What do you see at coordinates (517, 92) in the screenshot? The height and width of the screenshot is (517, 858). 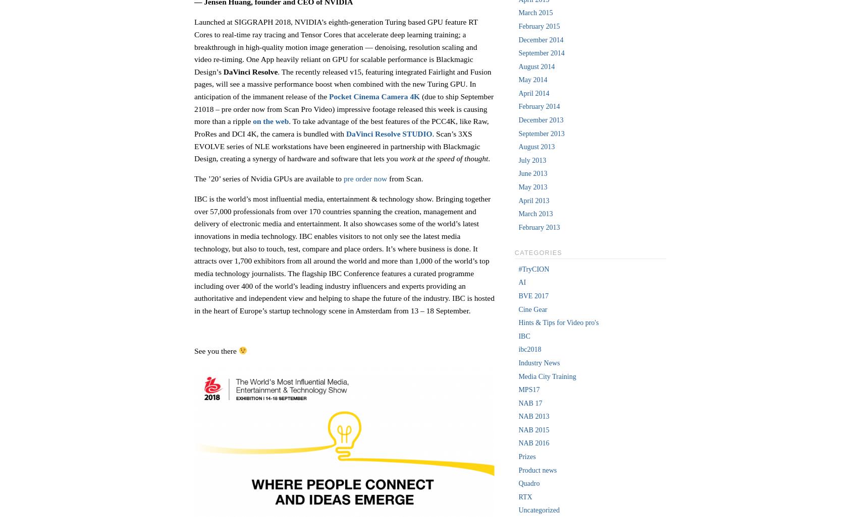 I see `'April 2014'` at bounding box center [517, 92].